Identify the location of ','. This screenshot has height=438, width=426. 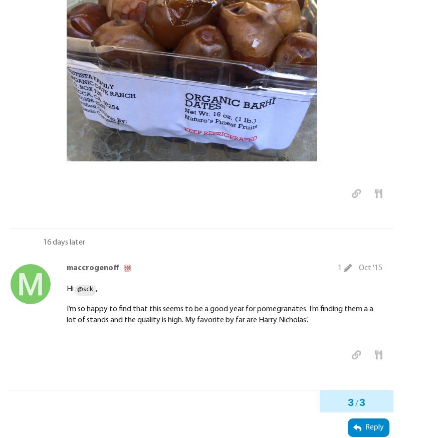
(95, 289).